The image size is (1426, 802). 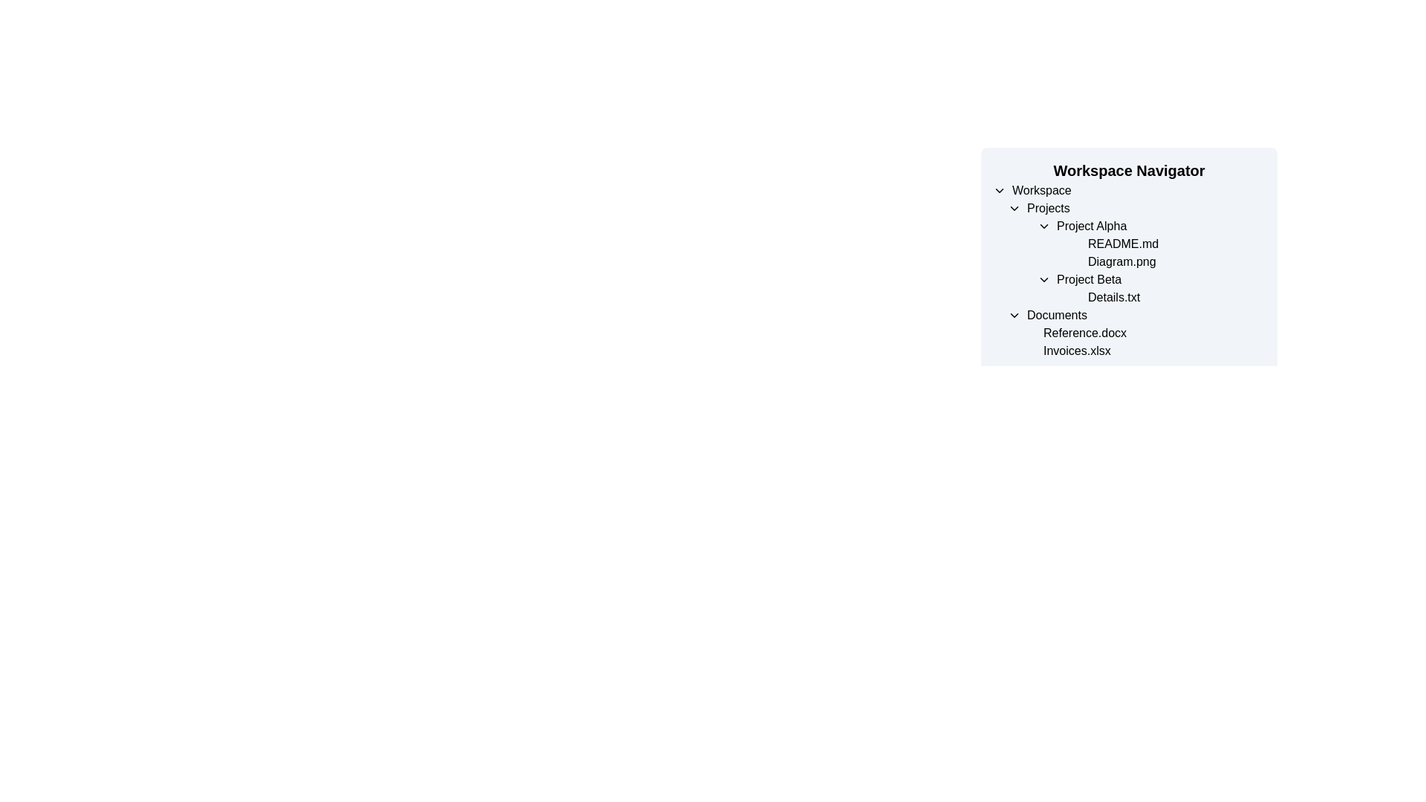 What do you see at coordinates (1056, 314) in the screenshot?
I see `the static label categorizing the 'Documents' section in the Workspace Navigator panel` at bounding box center [1056, 314].